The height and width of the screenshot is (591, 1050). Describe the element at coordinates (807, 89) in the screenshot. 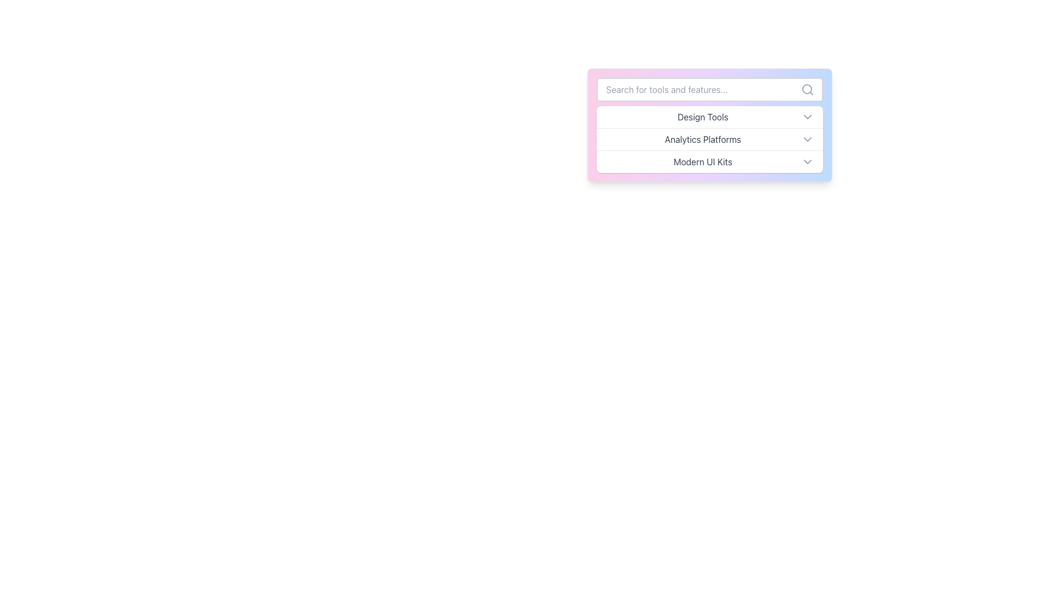

I see `the magnifying glass icon located at the far right of the search input field, which is styled with a modern design and rendered in gray color` at that location.